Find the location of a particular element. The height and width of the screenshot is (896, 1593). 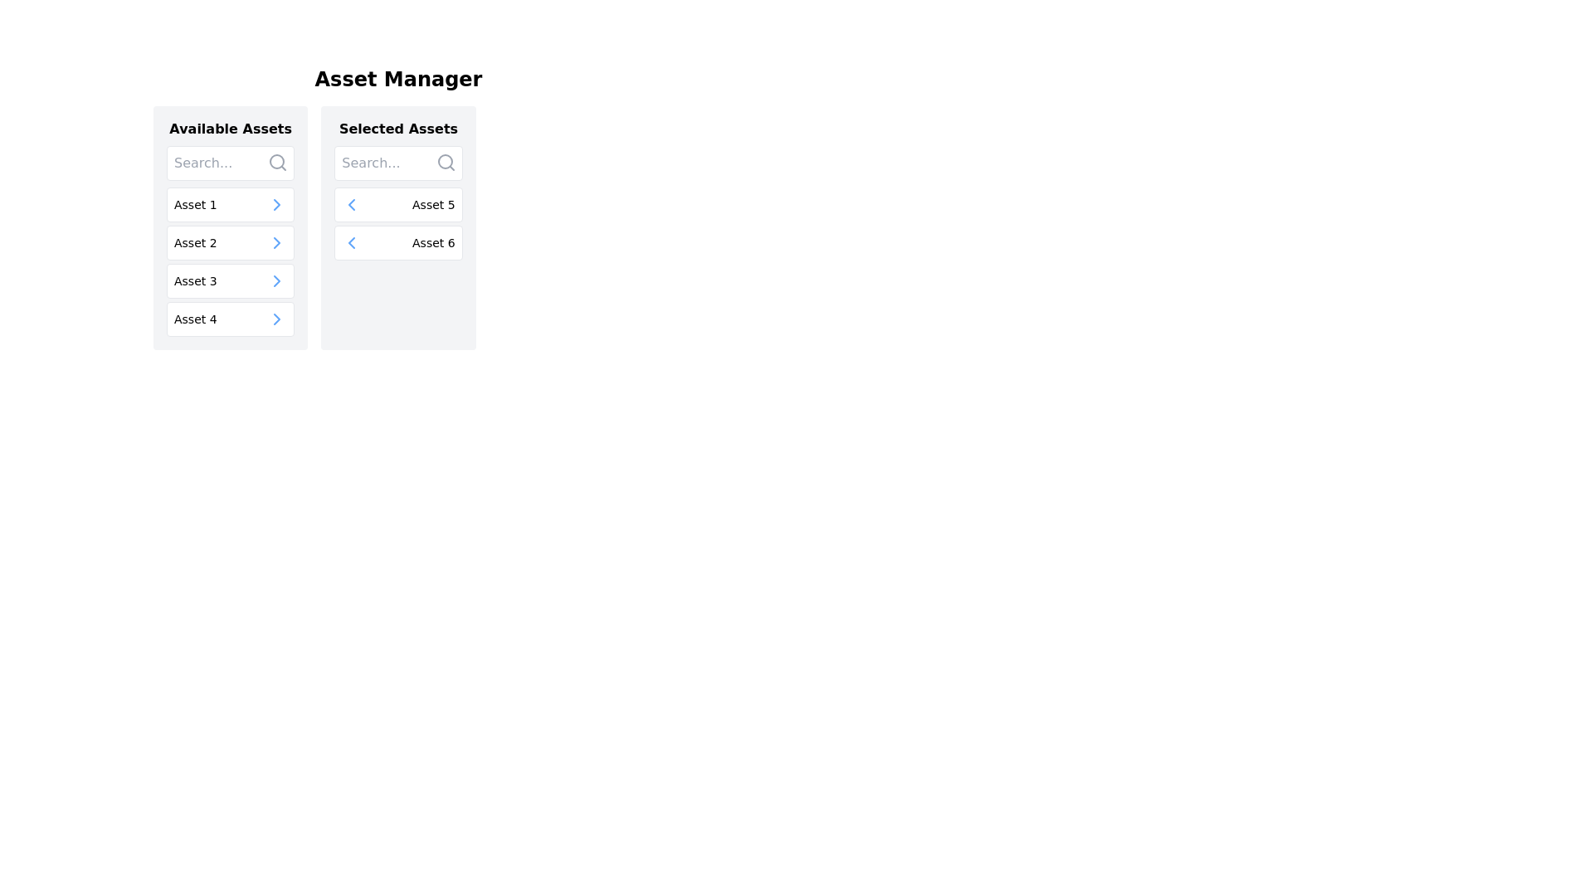

the right-facing chevron icon button associated with 'Asset 3' is located at coordinates (277, 280).